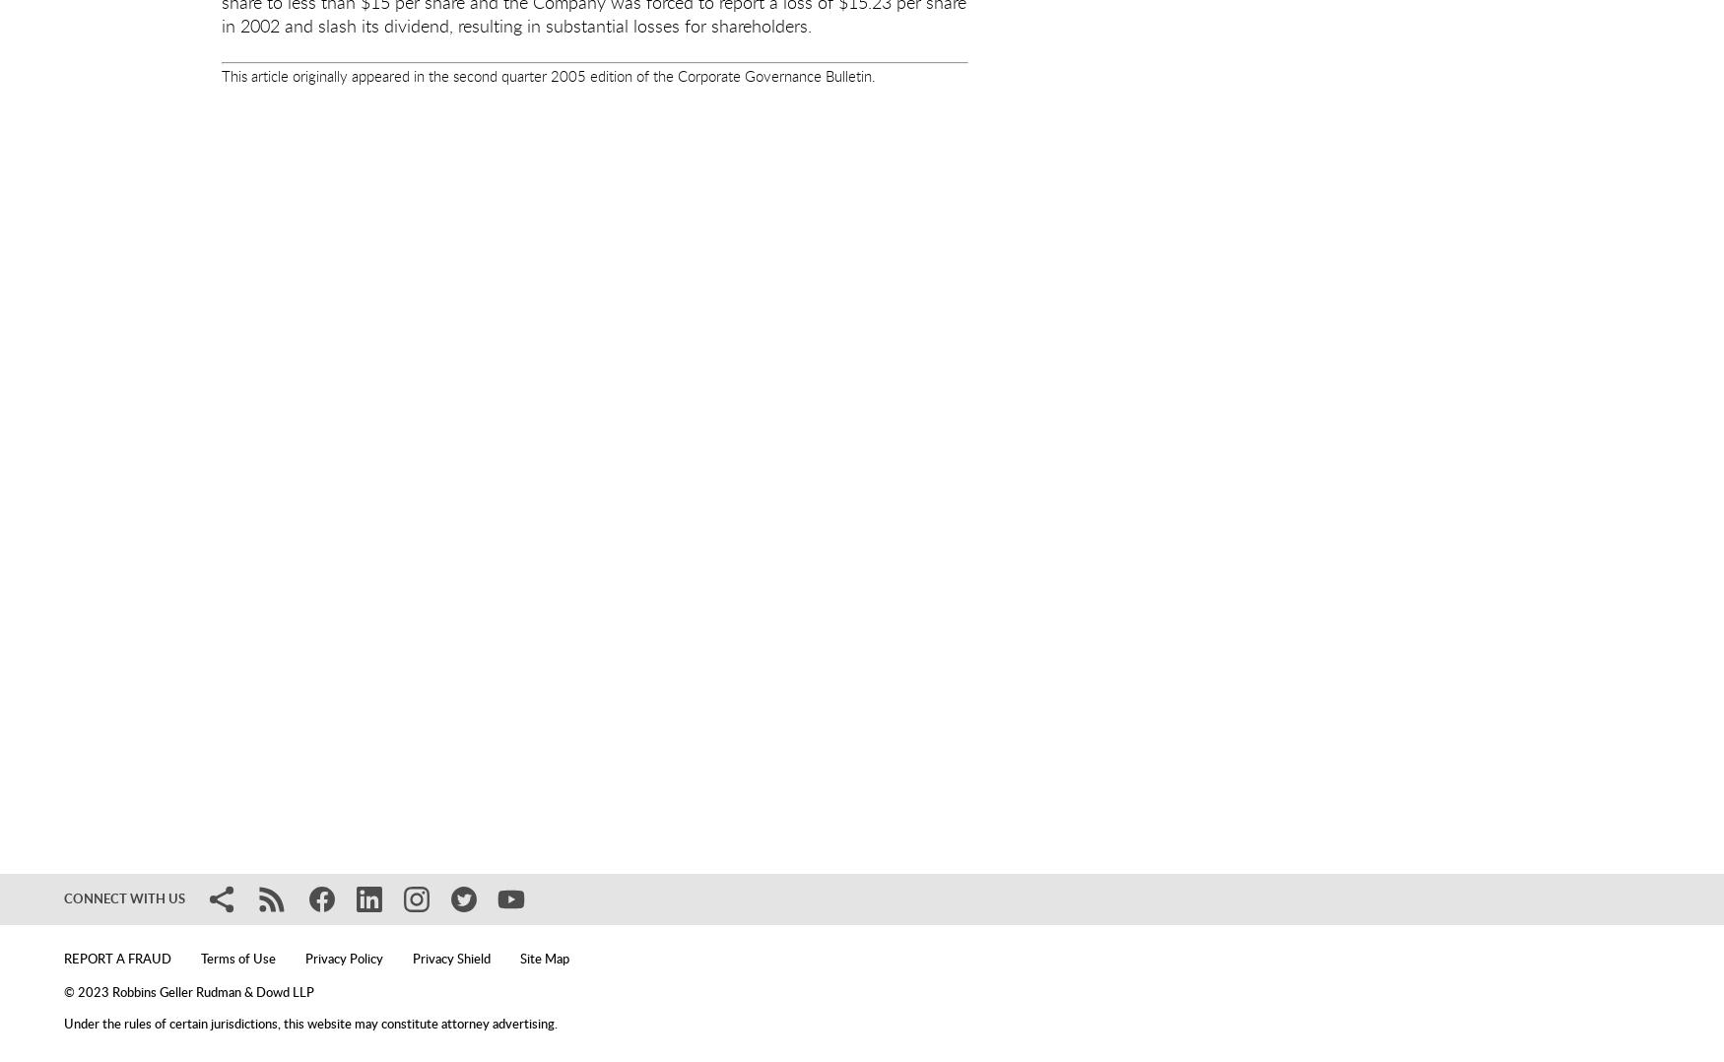  Describe the element at coordinates (123, 898) in the screenshot. I see `'Connect With Us'` at that location.